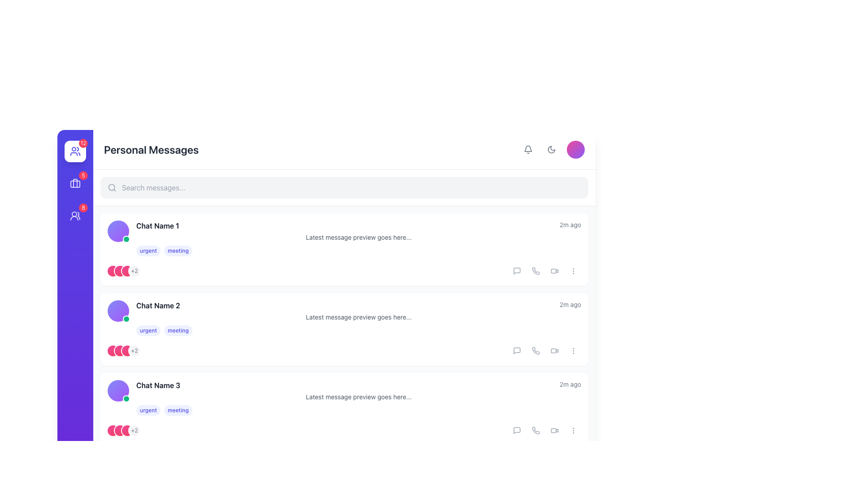 The width and height of the screenshot is (861, 484). Describe the element at coordinates (554, 430) in the screenshot. I see `the small video camera icon button, which is styled in light gray and transitions to indigo upon hover, located as the sixth item in a horizontal grouping of icons` at that location.